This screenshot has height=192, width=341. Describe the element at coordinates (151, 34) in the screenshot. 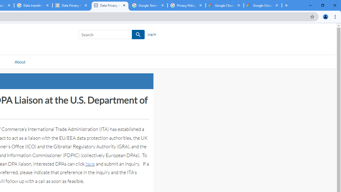

I see `'Log In'` at that location.